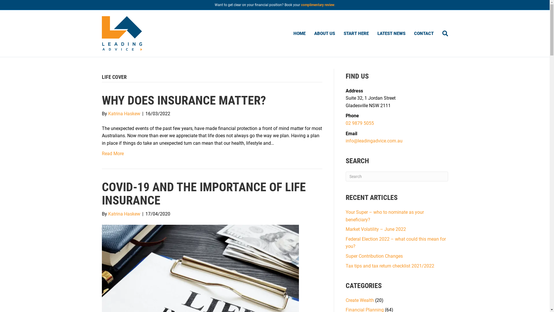 Image resolution: width=554 pixels, height=312 pixels. Describe the element at coordinates (391, 33) in the screenshot. I see `'LATEST NEWS'` at that location.